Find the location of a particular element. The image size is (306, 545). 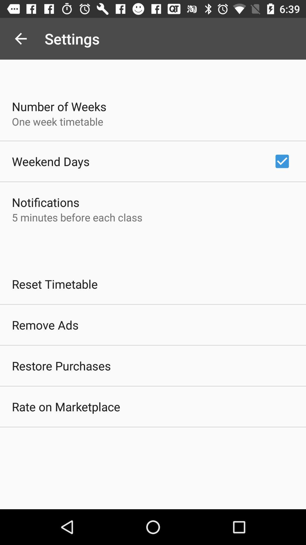

icon to the left of settings app is located at coordinates (20, 38).